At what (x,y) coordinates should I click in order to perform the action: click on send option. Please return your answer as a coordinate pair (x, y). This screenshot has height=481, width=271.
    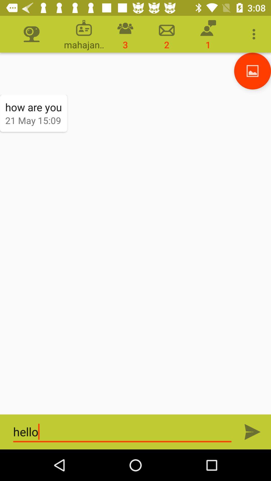
    Looking at the image, I should click on (252, 432).